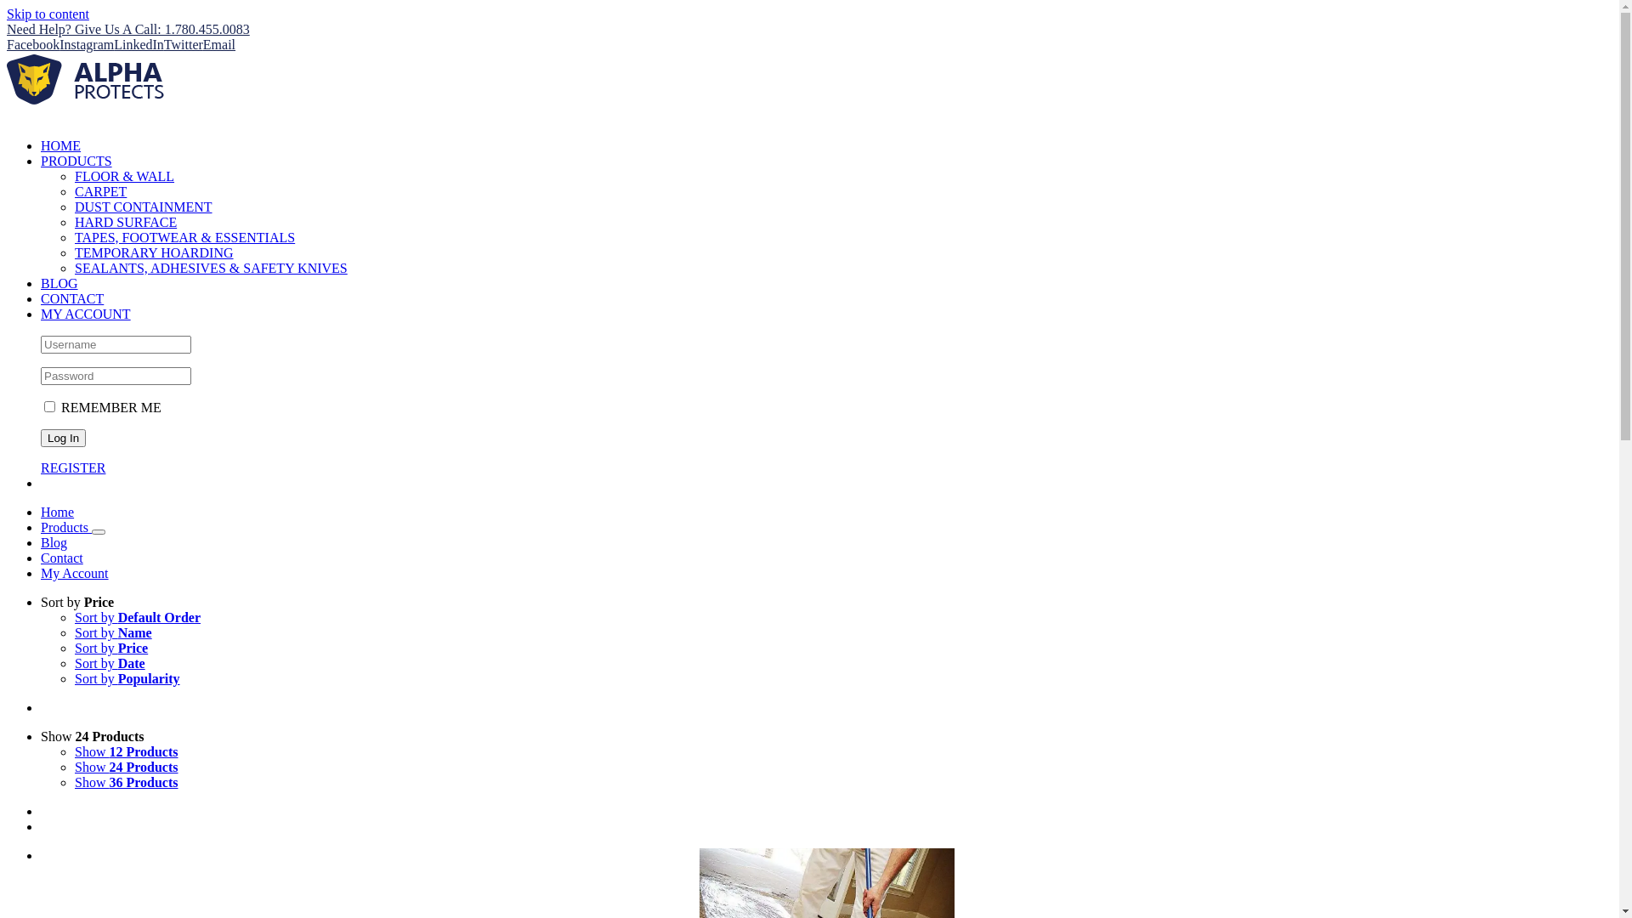  What do you see at coordinates (125, 751) in the screenshot?
I see `'Show 12 Products'` at bounding box center [125, 751].